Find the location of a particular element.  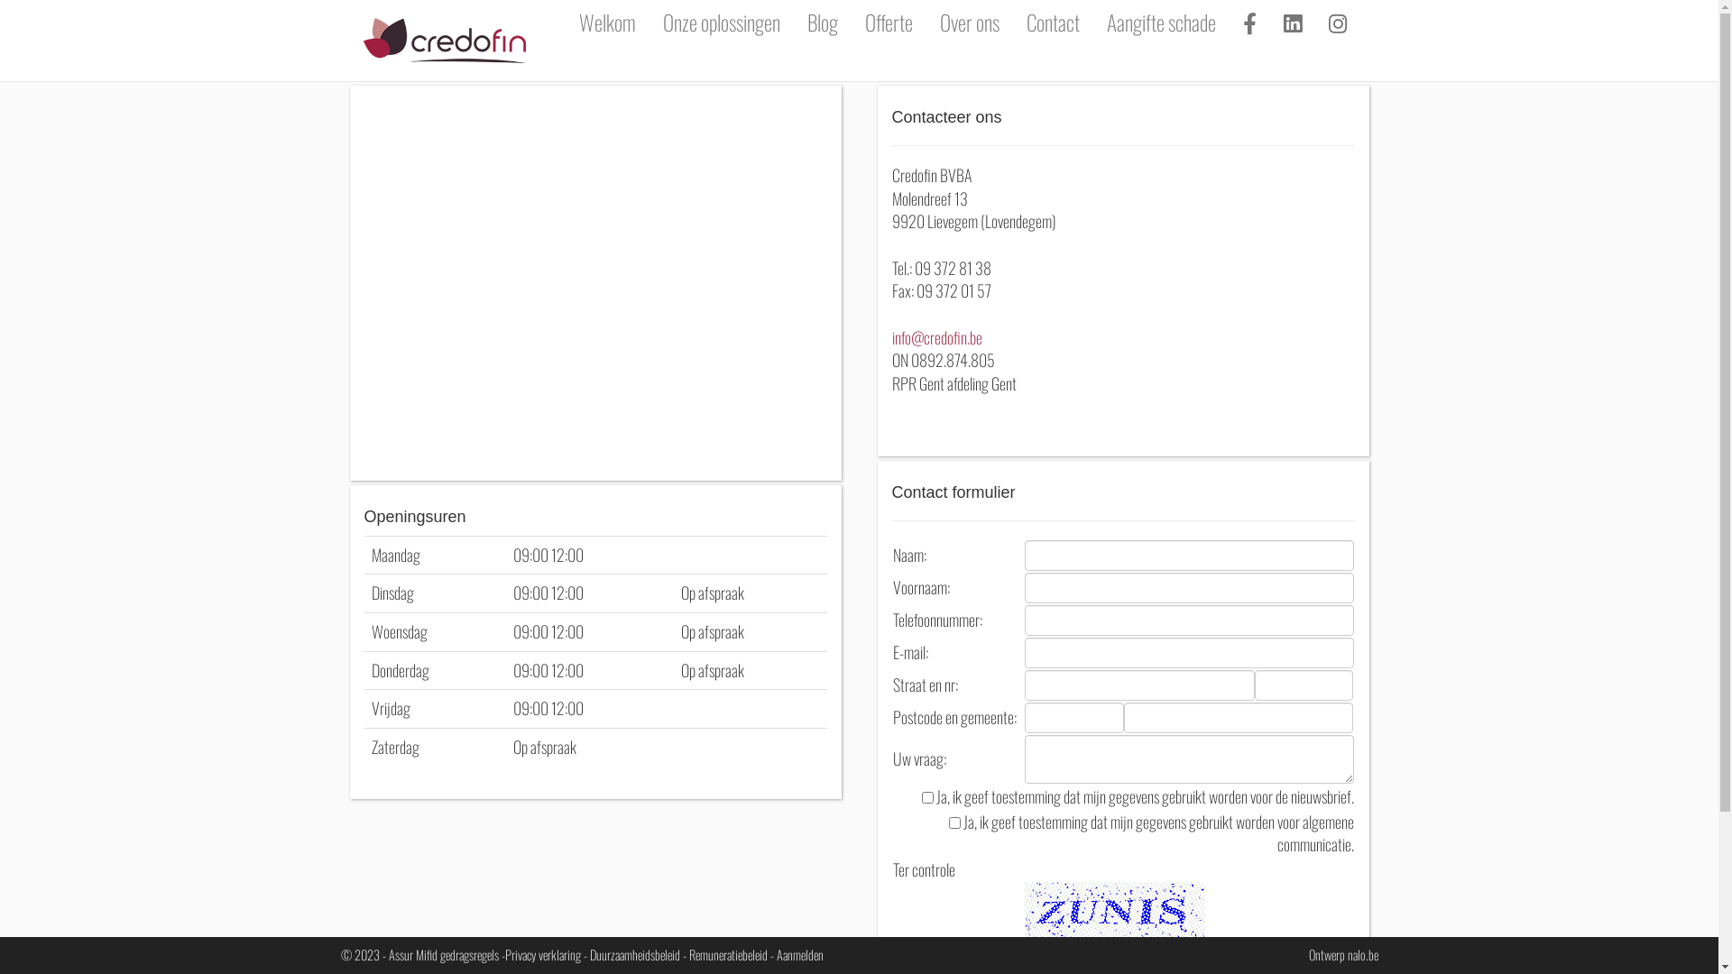

'Privacy verklaring' is located at coordinates (541, 953).